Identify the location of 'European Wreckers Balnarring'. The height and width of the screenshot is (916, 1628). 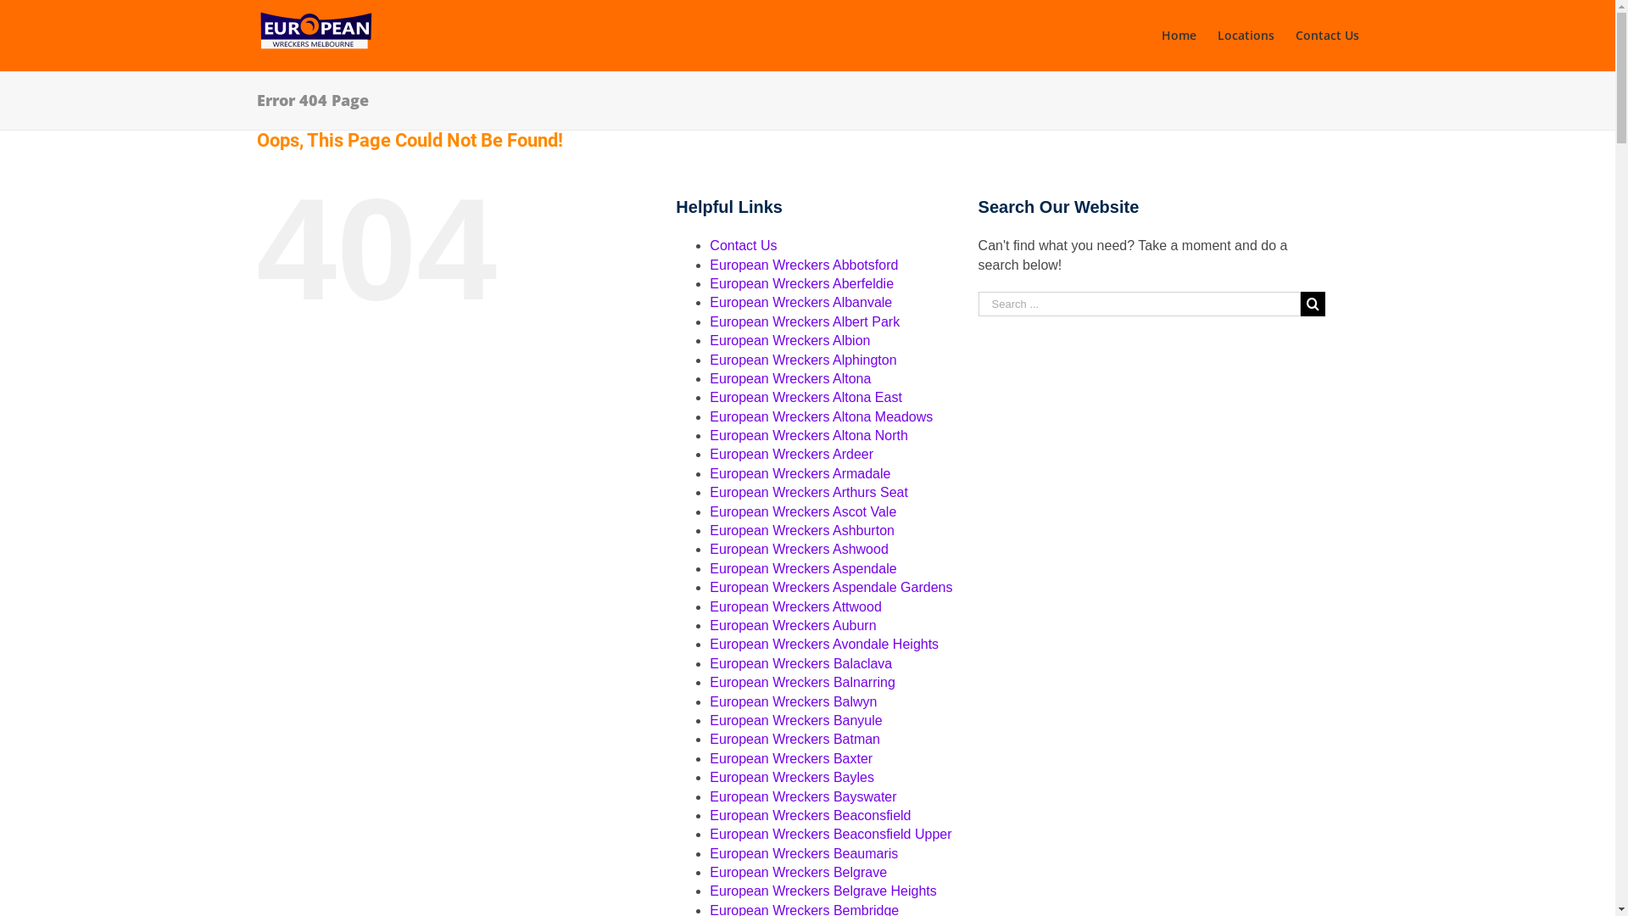
(800, 681).